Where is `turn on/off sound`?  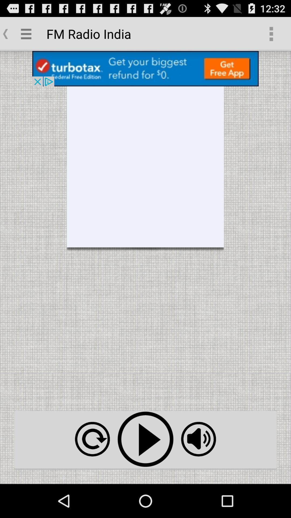
turn on/off sound is located at coordinates (198, 439).